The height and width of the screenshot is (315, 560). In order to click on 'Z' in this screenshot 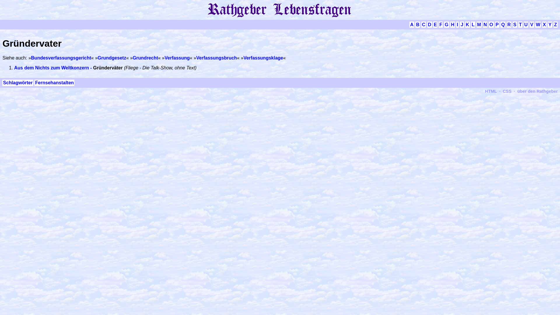, I will do `click(555, 24)`.